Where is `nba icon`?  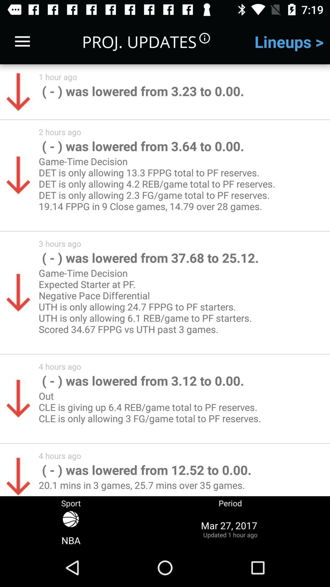 nba icon is located at coordinates (71, 529).